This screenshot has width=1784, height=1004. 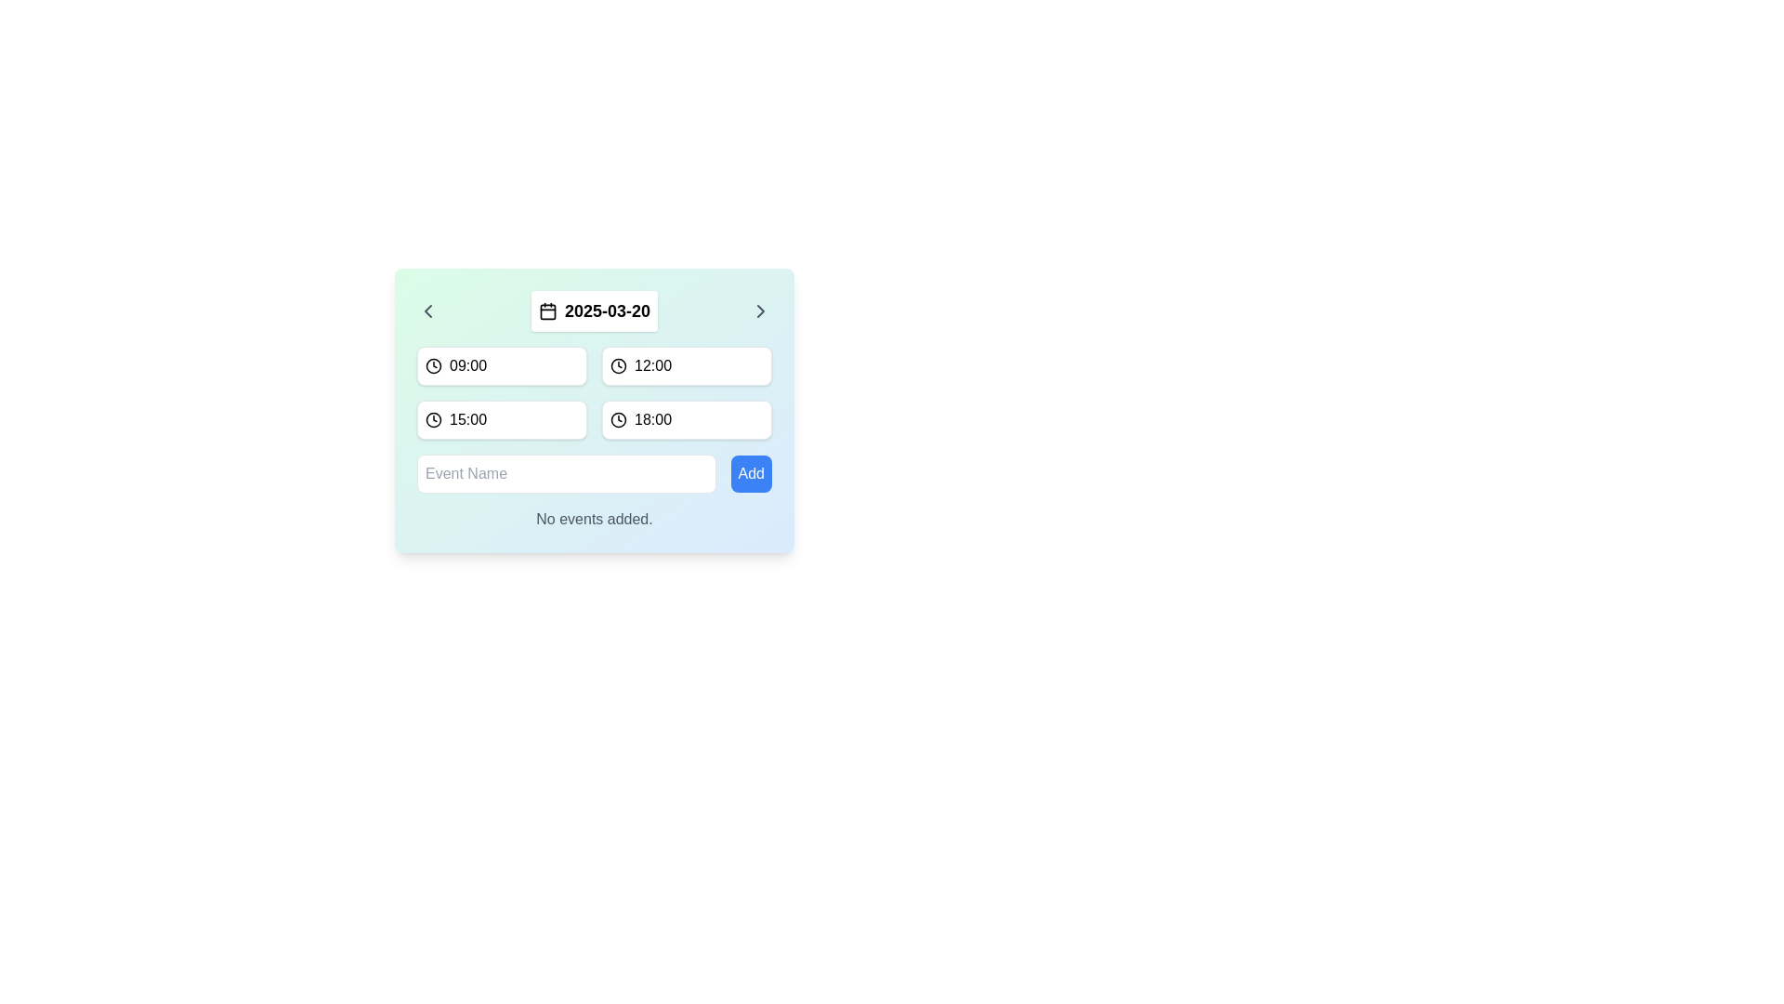 What do you see at coordinates (426, 310) in the screenshot?
I see `the leftmost navigation button icon to move to the previous date in the calendar interface` at bounding box center [426, 310].